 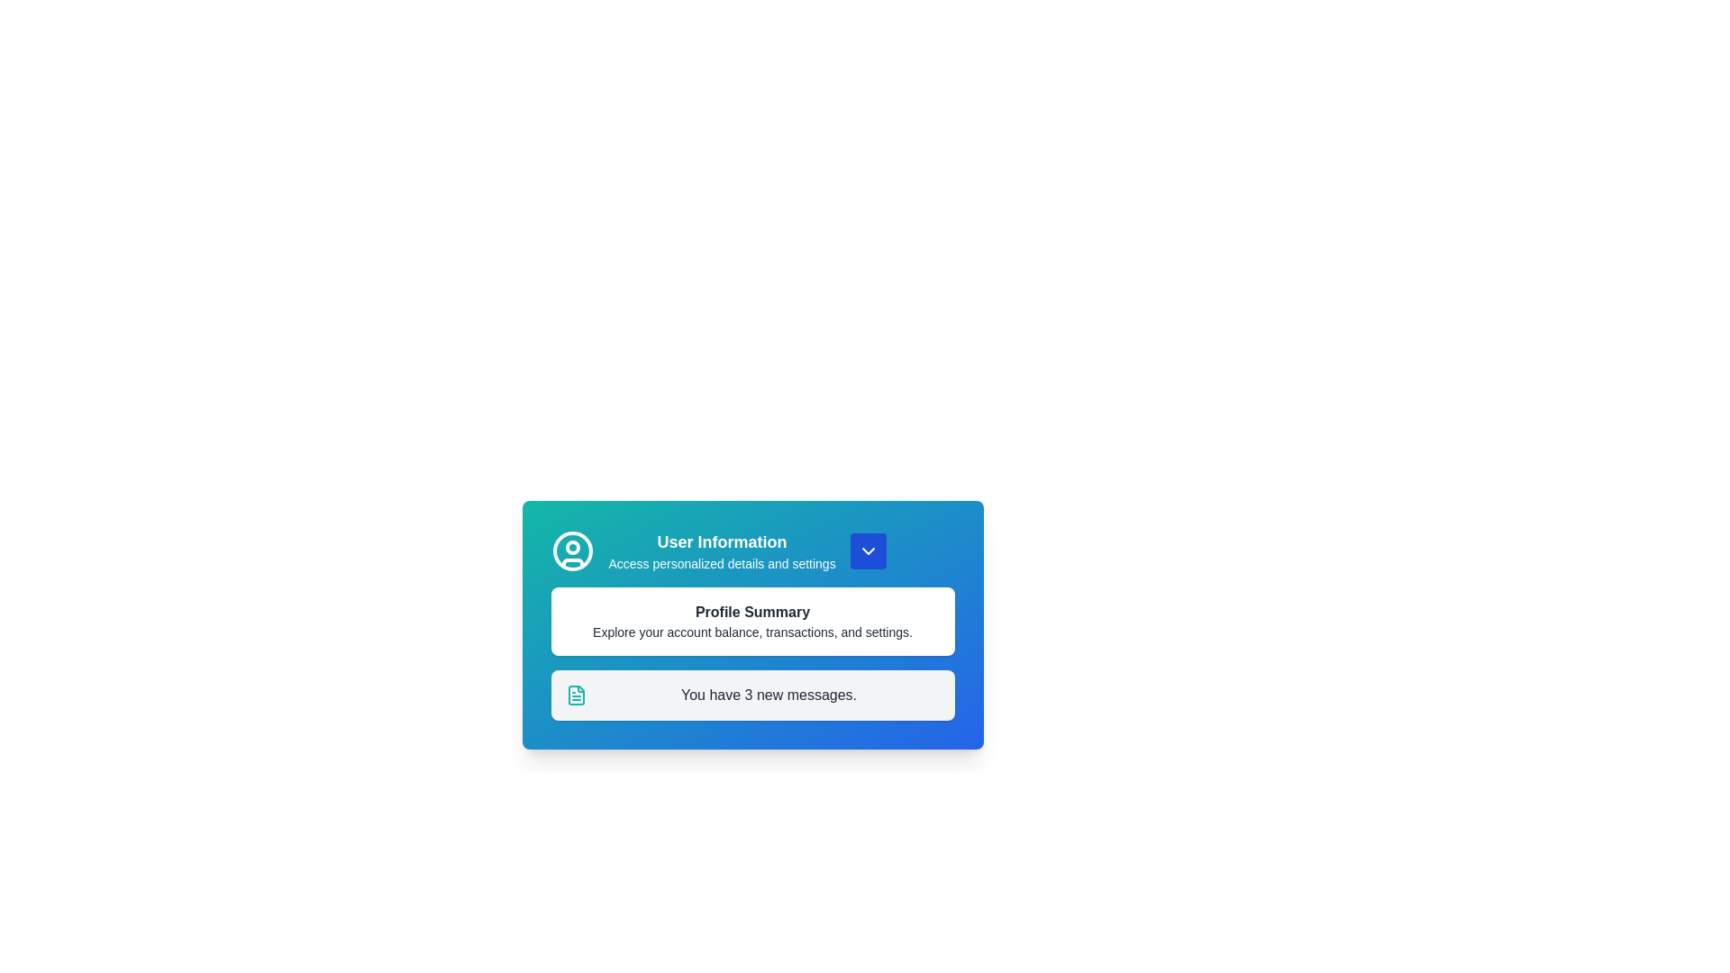 What do you see at coordinates (571, 550) in the screenshot?
I see `the circular user profile avatar located on the left side of the header in the 'User Information' section` at bounding box center [571, 550].